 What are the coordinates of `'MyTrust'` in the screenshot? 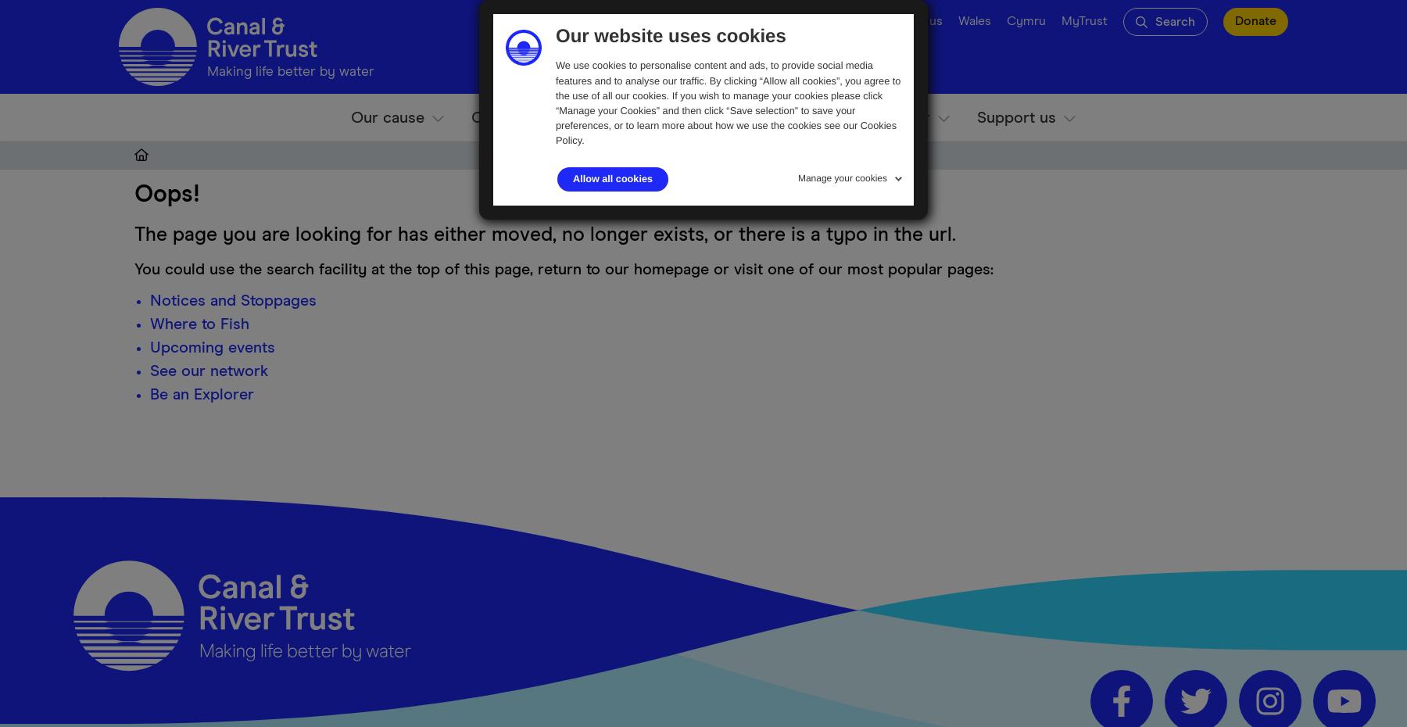 It's located at (1083, 20).